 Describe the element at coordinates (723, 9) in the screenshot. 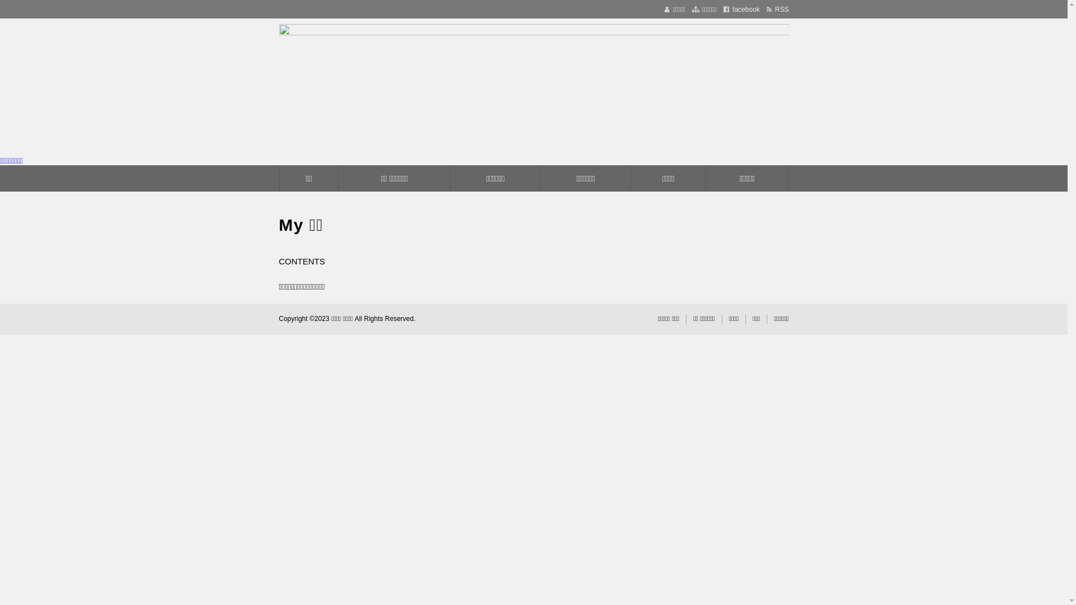

I see `'facebook'` at that location.